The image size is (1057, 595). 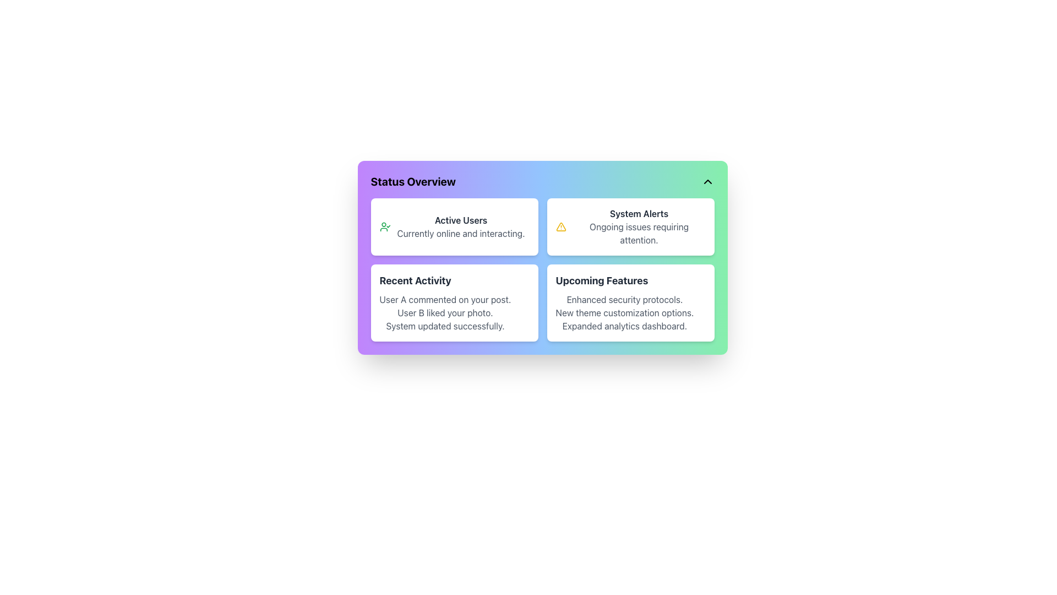 I want to click on the text label displaying 'Enhanced security protocols.' which is the first item in the vertically aligned list under the 'Upcoming Features' card located in the bottom-right corner of the four-card grid, so click(x=624, y=299).